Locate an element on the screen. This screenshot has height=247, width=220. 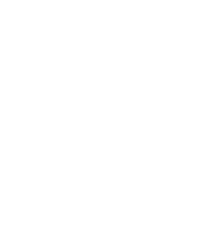
'Published: 10/09/2023' is located at coordinates (95, 228).